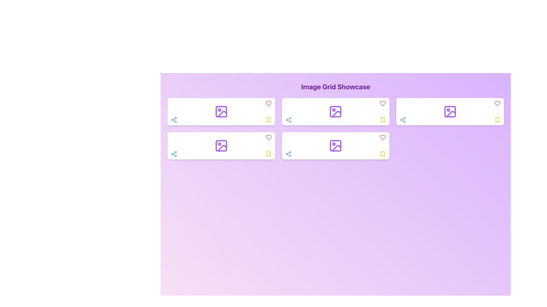 The image size is (547, 307). What do you see at coordinates (221, 112) in the screenshot?
I see `the purple rectangle with rounded corners that serves as the base background of the image icon located in the top-left position of the grid items` at bounding box center [221, 112].